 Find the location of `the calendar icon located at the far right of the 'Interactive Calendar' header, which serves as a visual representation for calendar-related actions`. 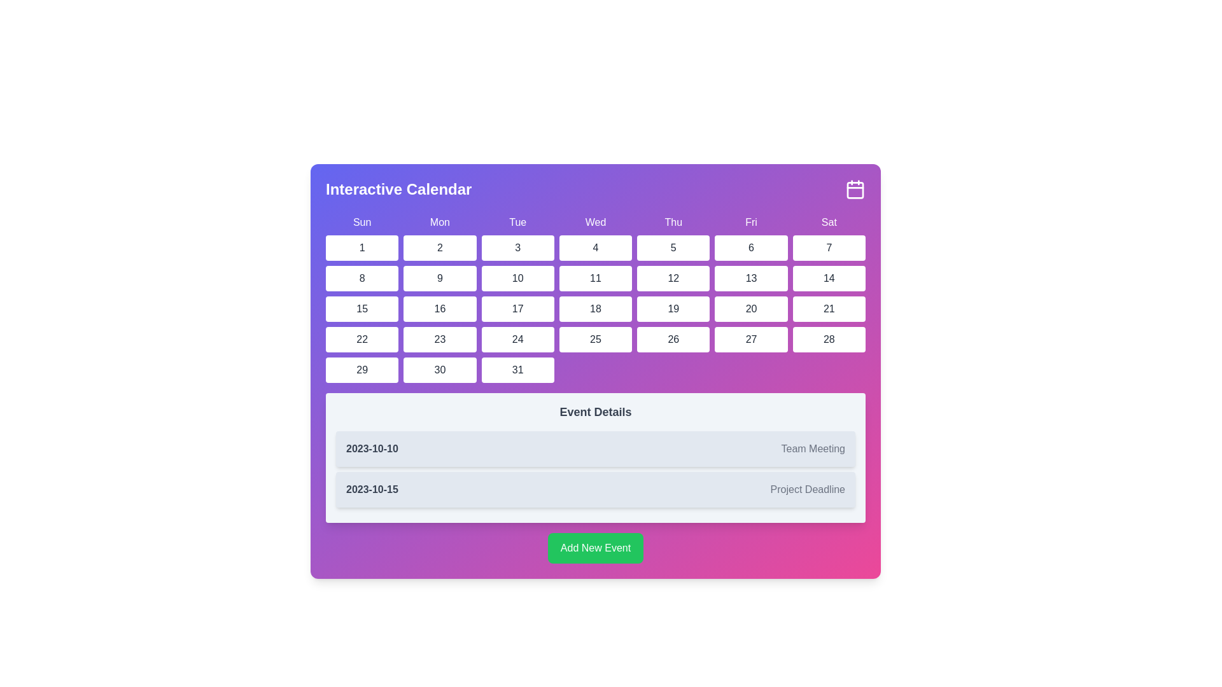

the calendar icon located at the far right of the 'Interactive Calendar' header, which serves as a visual representation for calendar-related actions is located at coordinates (855, 189).